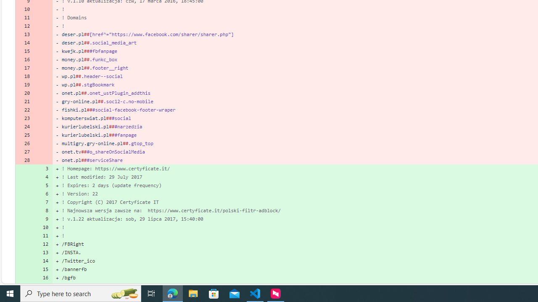 Image resolution: width=538 pixels, height=302 pixels. I want to click on '18', so click(24, 76).